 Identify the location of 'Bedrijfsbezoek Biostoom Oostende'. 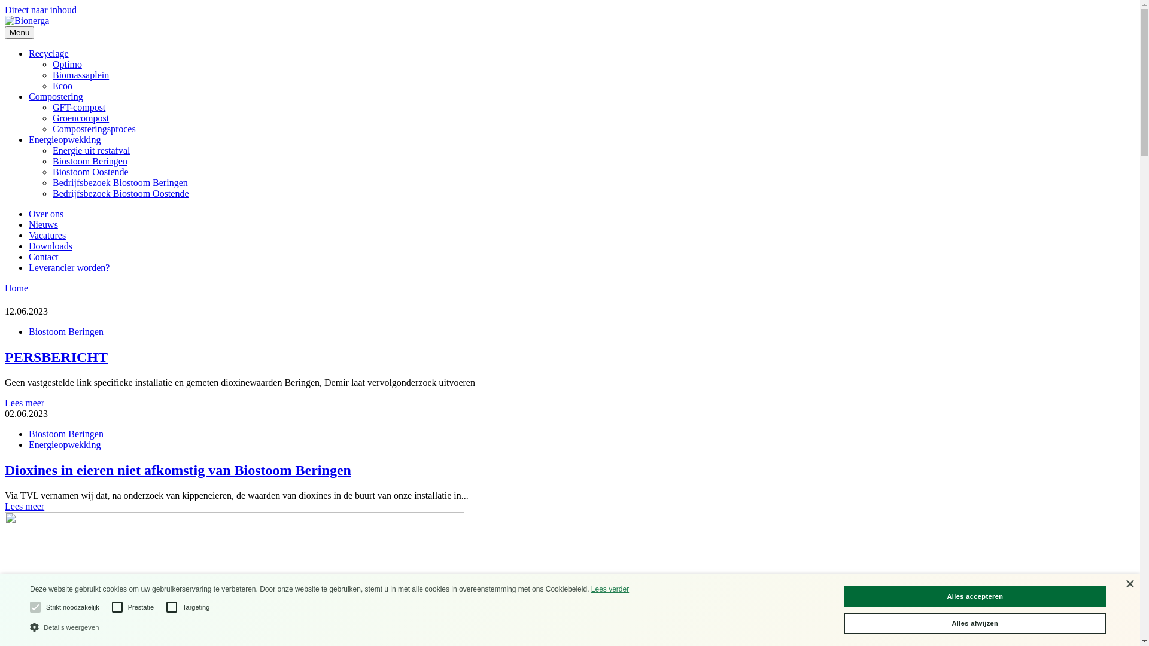
(120, 193).